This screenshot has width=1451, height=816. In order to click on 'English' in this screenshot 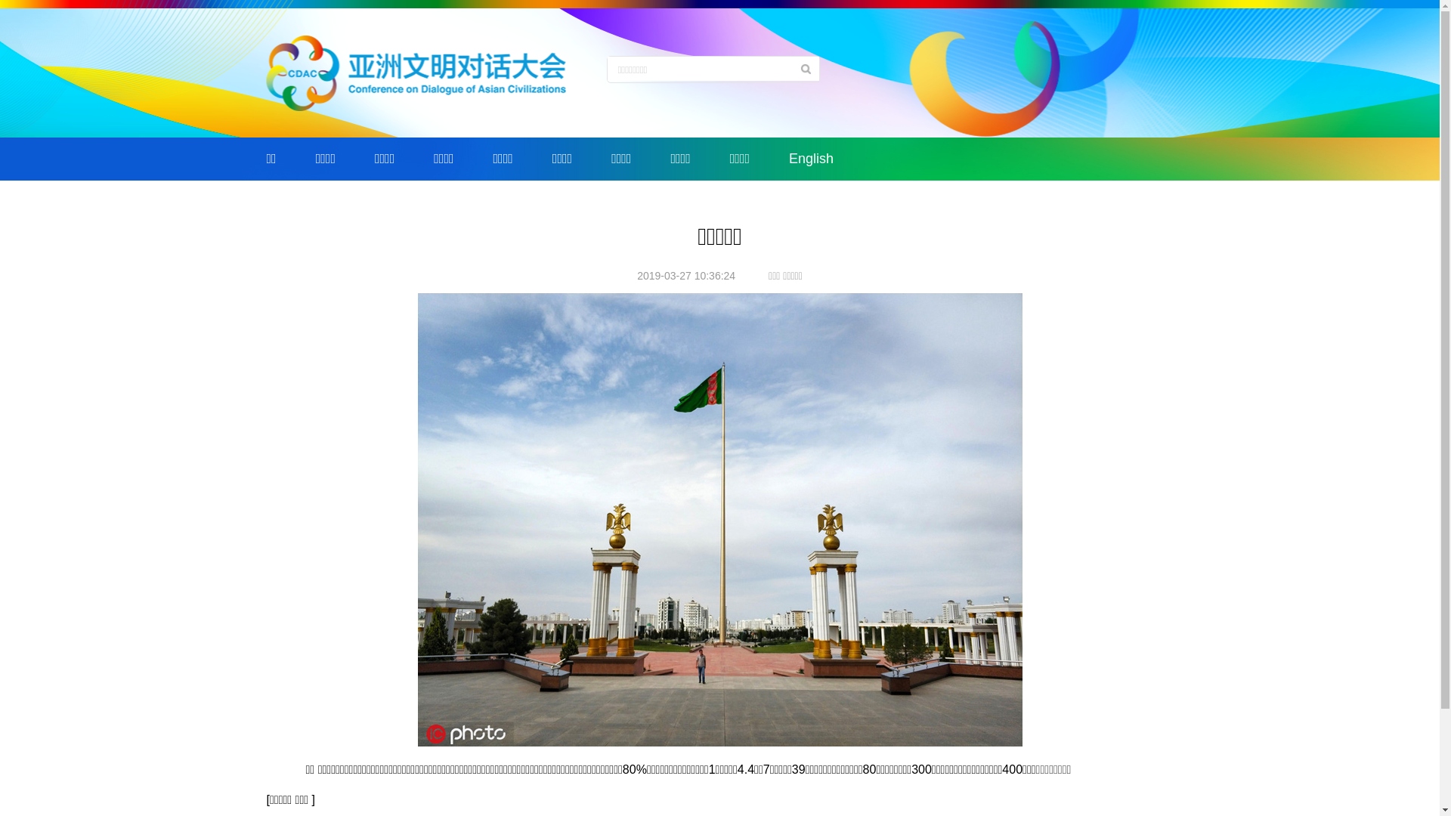, I will do `click(810, 158)`.